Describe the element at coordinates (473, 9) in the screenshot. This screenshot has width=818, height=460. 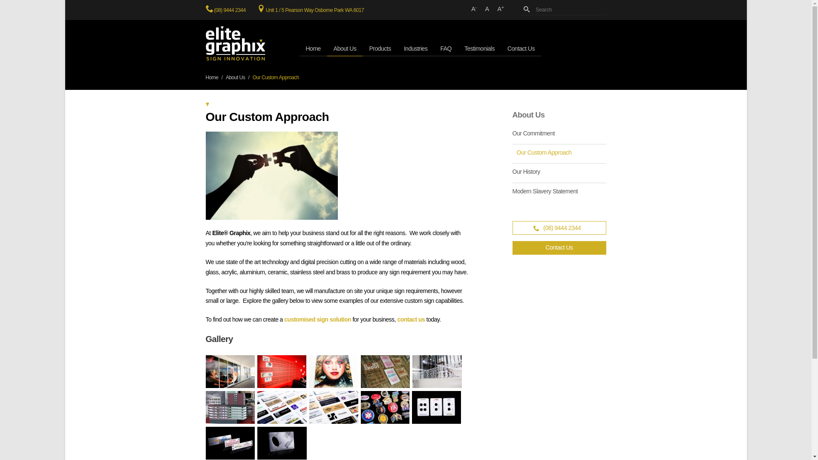
I see `'A-'` at that location.